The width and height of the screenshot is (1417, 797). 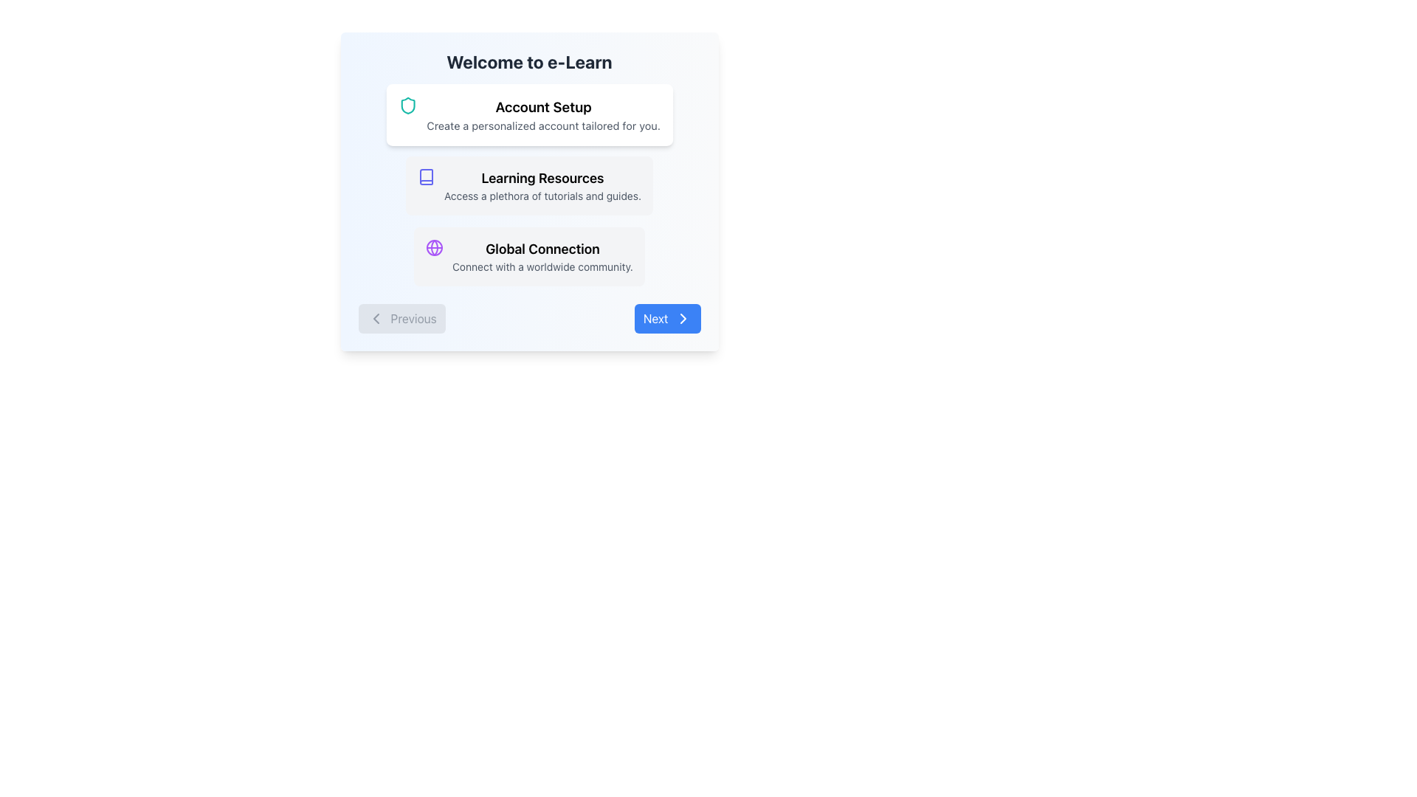 What do you see at coordinates (666, 318) in the screenshot?
I see `the navigation button located at the lower-right corner of the multi-step setup interface` at bounding box center [666, 318].